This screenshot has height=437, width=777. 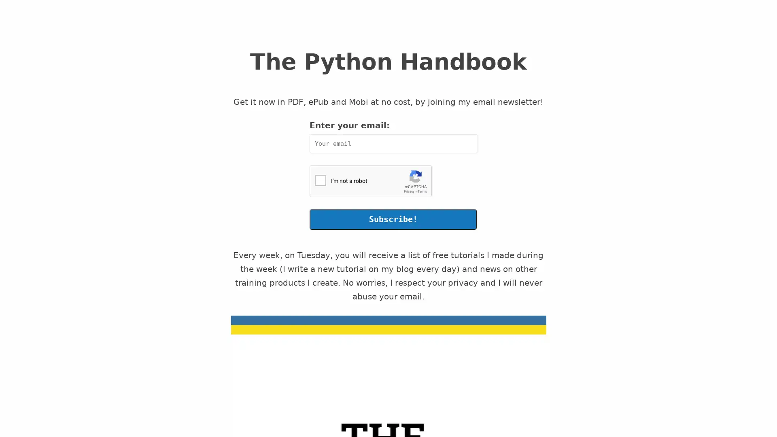 I want to click on Subscribe!, so click(x=393, y=219).